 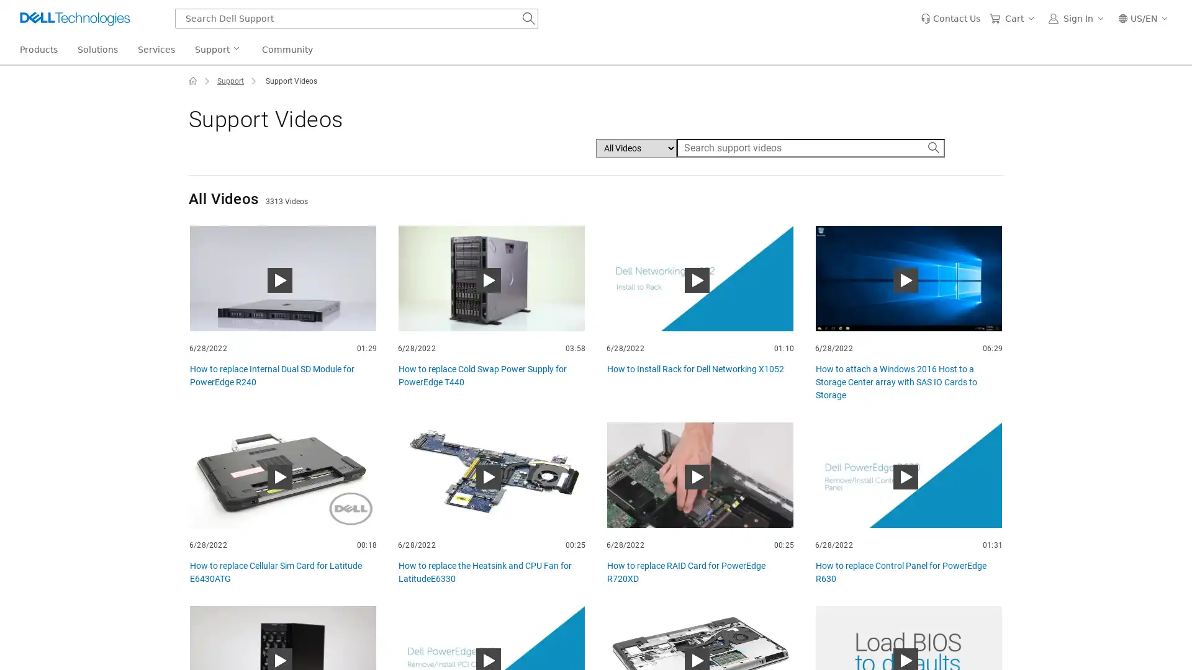 I want to click on How to replace Internal Dual SD Module for PowerEdge R240, so click(x=282, y=375).